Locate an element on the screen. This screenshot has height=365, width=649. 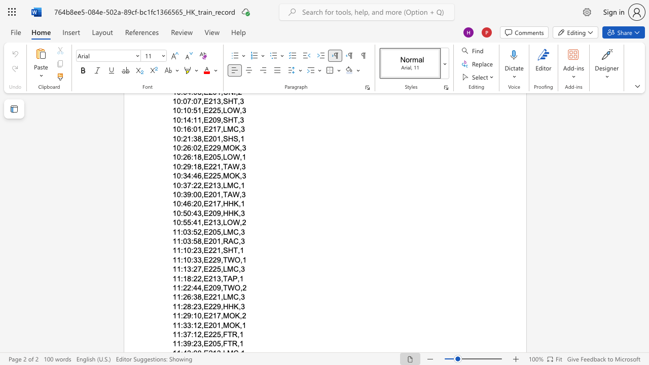
the subset text "29,HHK" within the text "11:28:23,E229,HHK,3" is located at coordinates (212, 306).